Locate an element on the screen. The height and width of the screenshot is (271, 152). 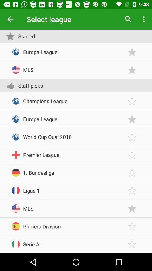
the league is located at coordinates (132, 119).